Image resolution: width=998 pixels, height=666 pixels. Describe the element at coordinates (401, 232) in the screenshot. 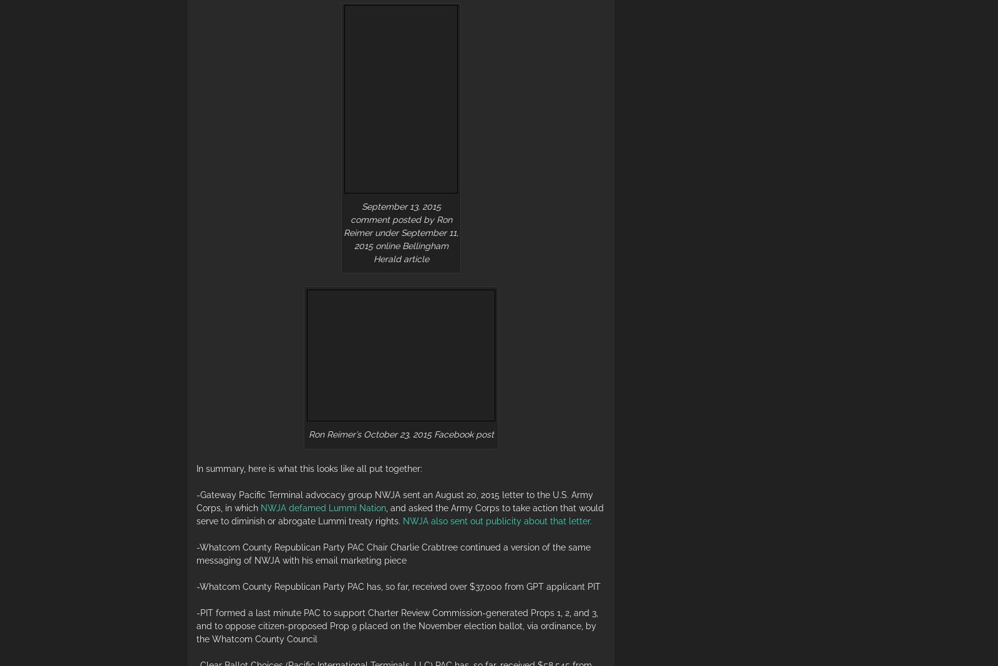

I see `'September 13, 2015 comment posted by Ron Reimer under September 11, 2015 online Bellingham Herald article'` at that location.